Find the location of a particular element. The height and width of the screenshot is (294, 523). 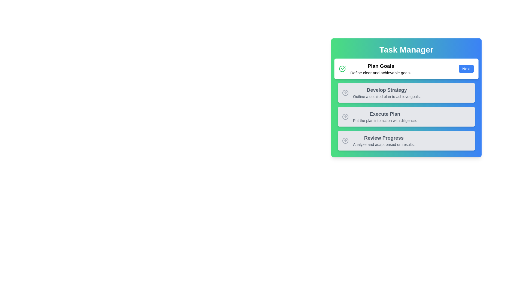

the text block containing 'Outline a detailed plan to achieve goals.' which is positioned below the 'Develop Strategy' title in the 'Task Manager' interface is located at coordinates (387, 96).